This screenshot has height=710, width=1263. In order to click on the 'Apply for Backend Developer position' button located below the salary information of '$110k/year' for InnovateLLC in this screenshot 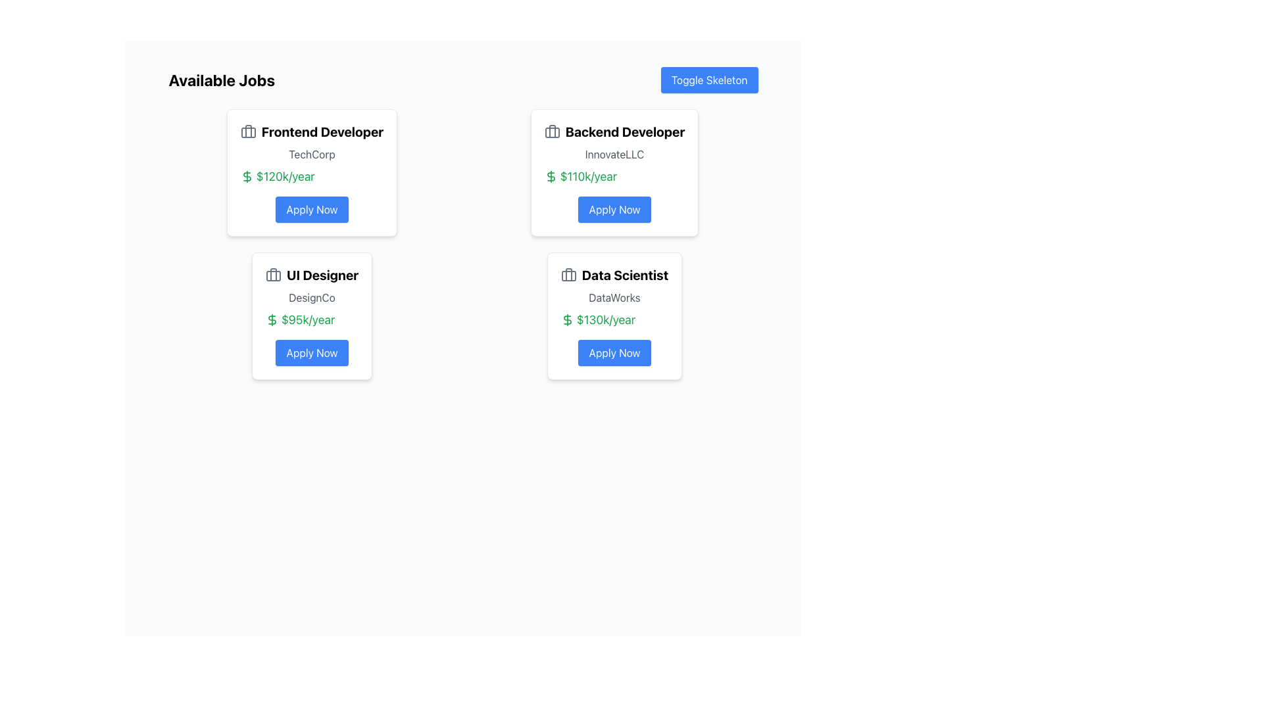, I will do `click(614, 209)`.